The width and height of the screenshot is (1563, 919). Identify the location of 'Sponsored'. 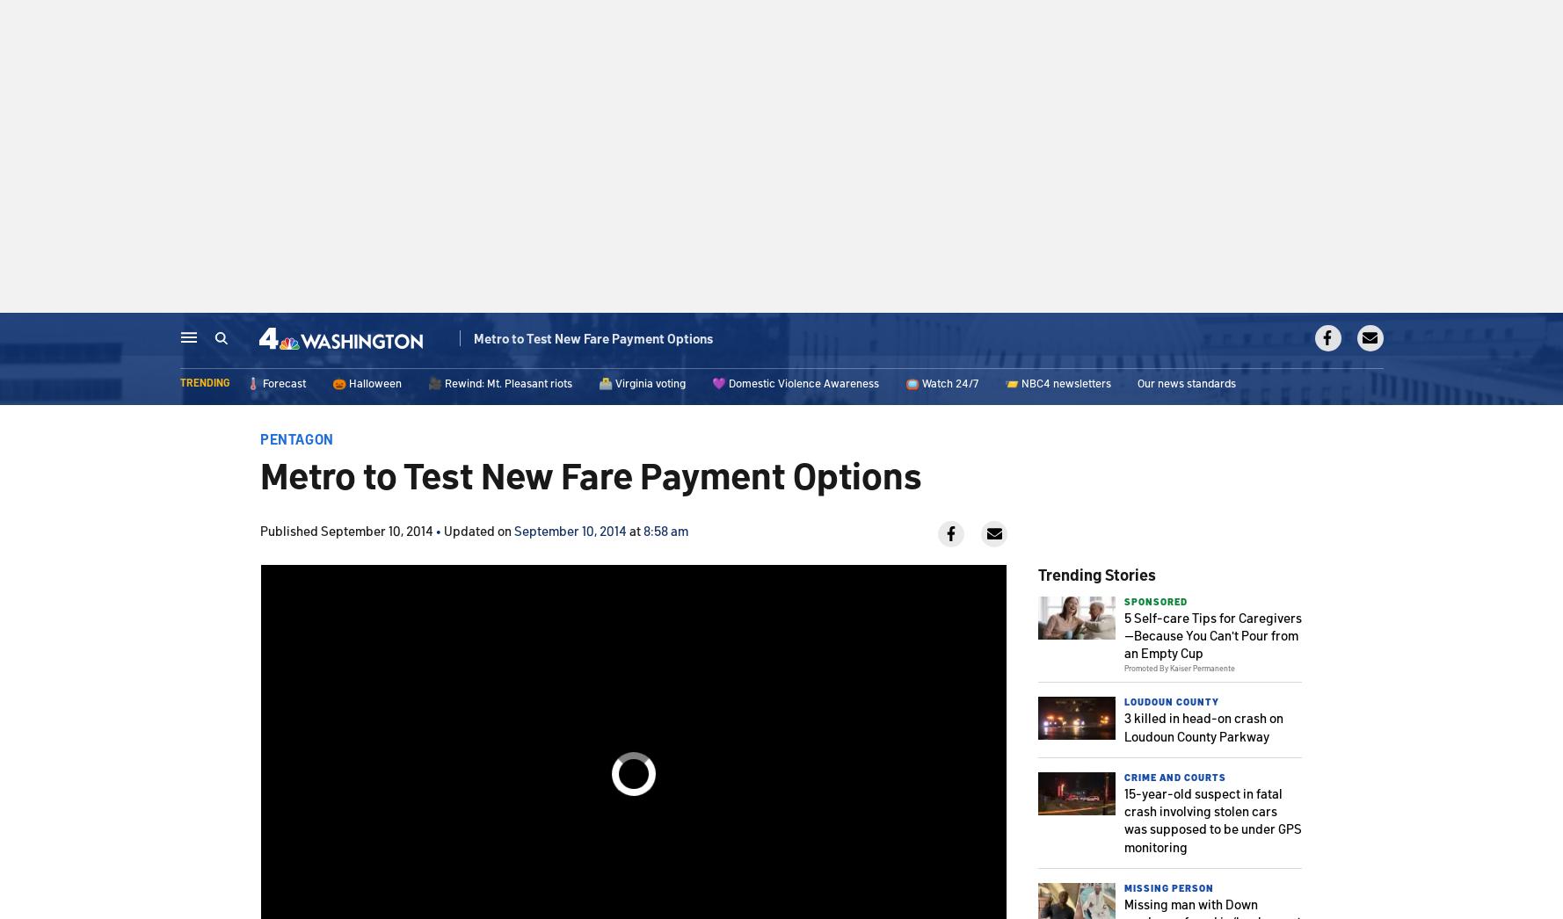
(1156, 600).